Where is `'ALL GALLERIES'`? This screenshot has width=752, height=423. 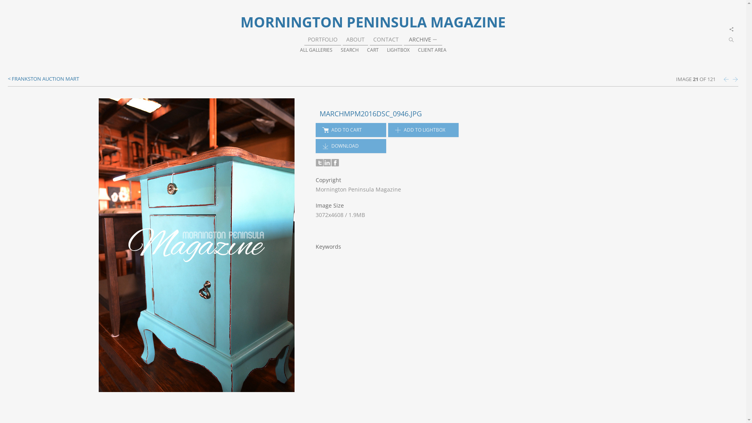 'ALL GALLERIES' is located at coordinates (316, 50).